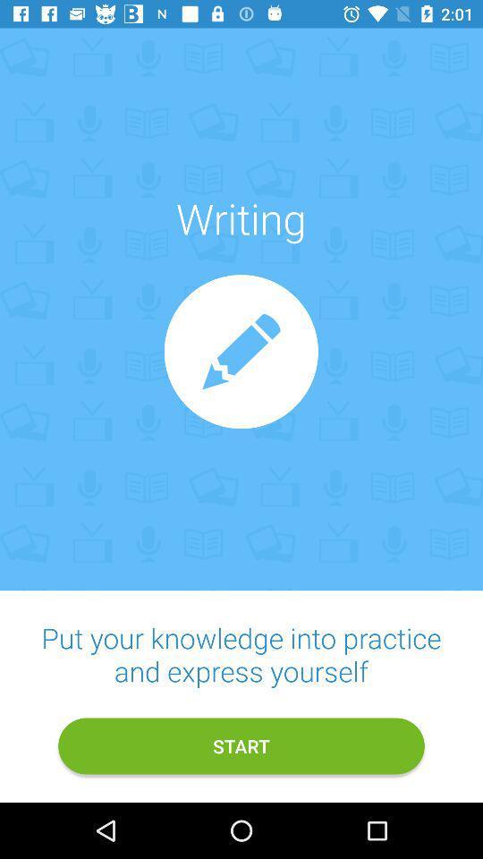 The image size is (483, 859). Describe the element at coordinates (241, 746) in the screenshot. I see `start icon` at that location.